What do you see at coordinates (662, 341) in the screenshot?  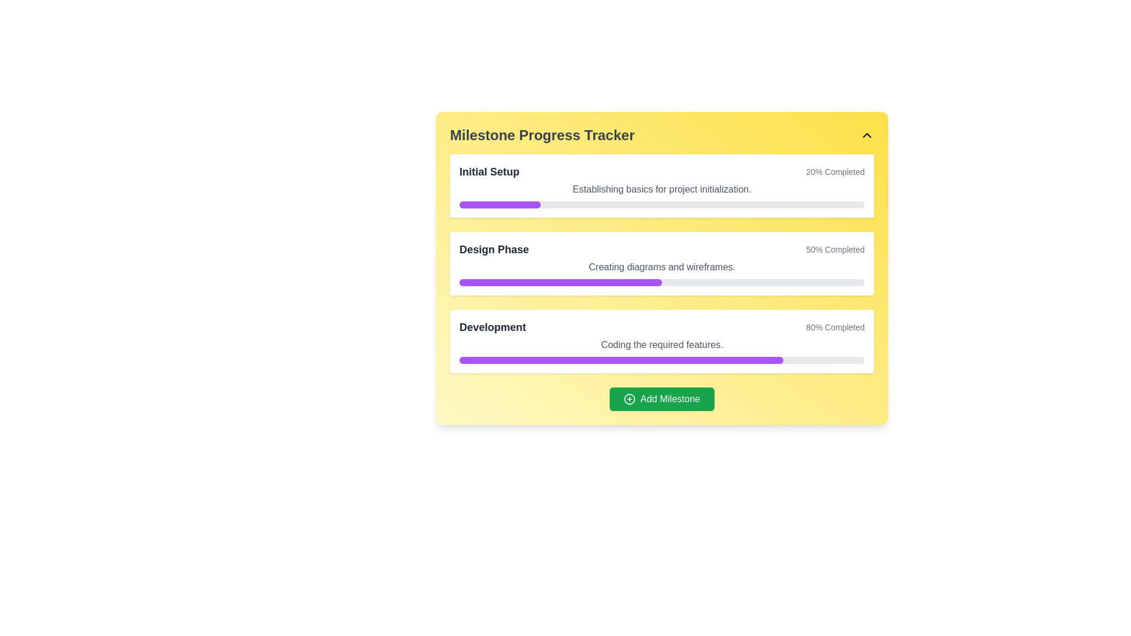 I see `the Milestone progress display, which is the third section in a vertically stacked list of milestones located in the center of the interface, following the 'Design Phase' section and preceding the 'Add Milestone' button` at bounding box center [662, 341].